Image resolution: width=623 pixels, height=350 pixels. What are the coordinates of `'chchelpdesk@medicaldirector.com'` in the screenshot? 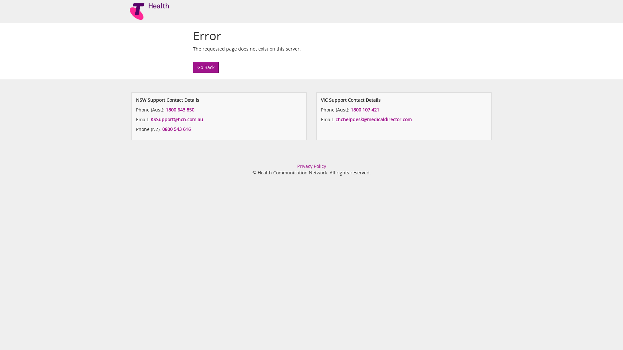 It's located at (373, 119).